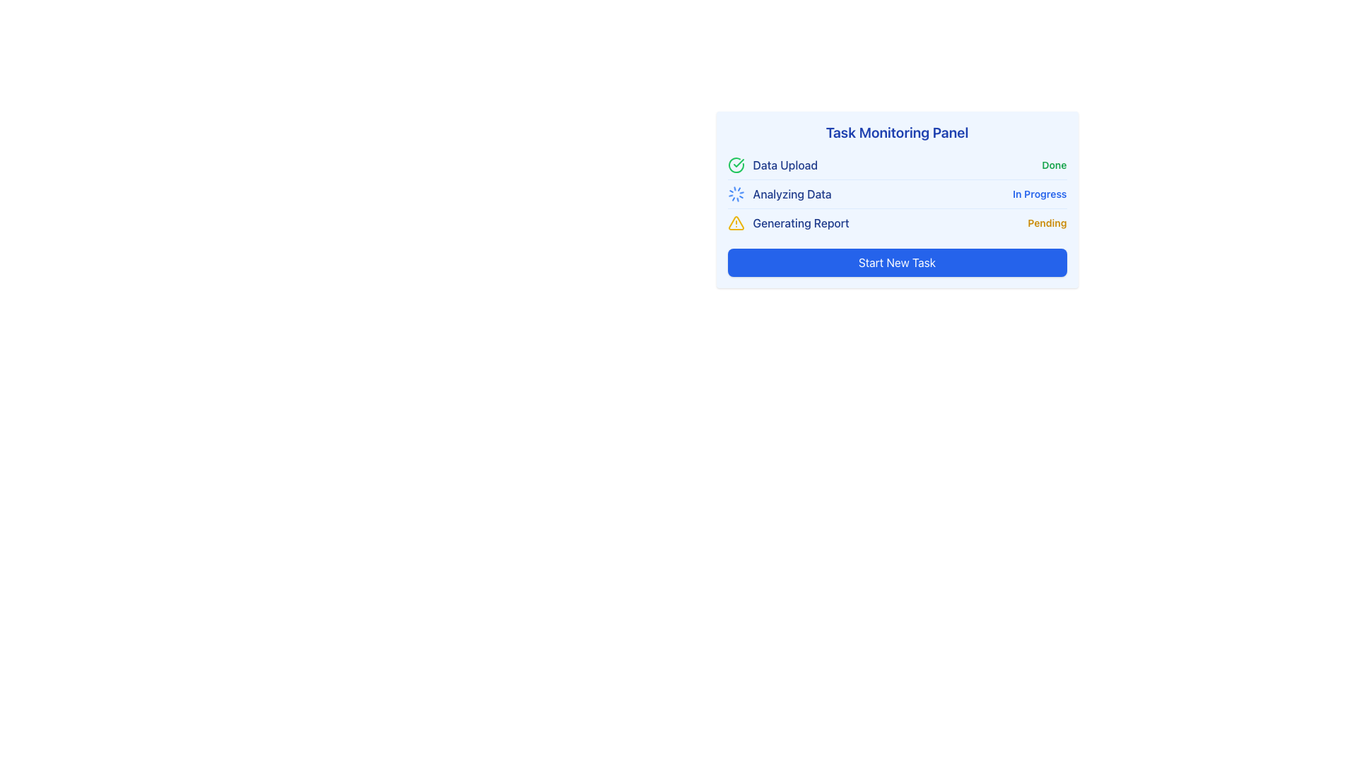 The image size is (1357, 763). I want to click on the blue text label reading 'Generating Report', which is located to the left of the 'Pending' status indicator within the task monitoring panel, so click(801, 223).